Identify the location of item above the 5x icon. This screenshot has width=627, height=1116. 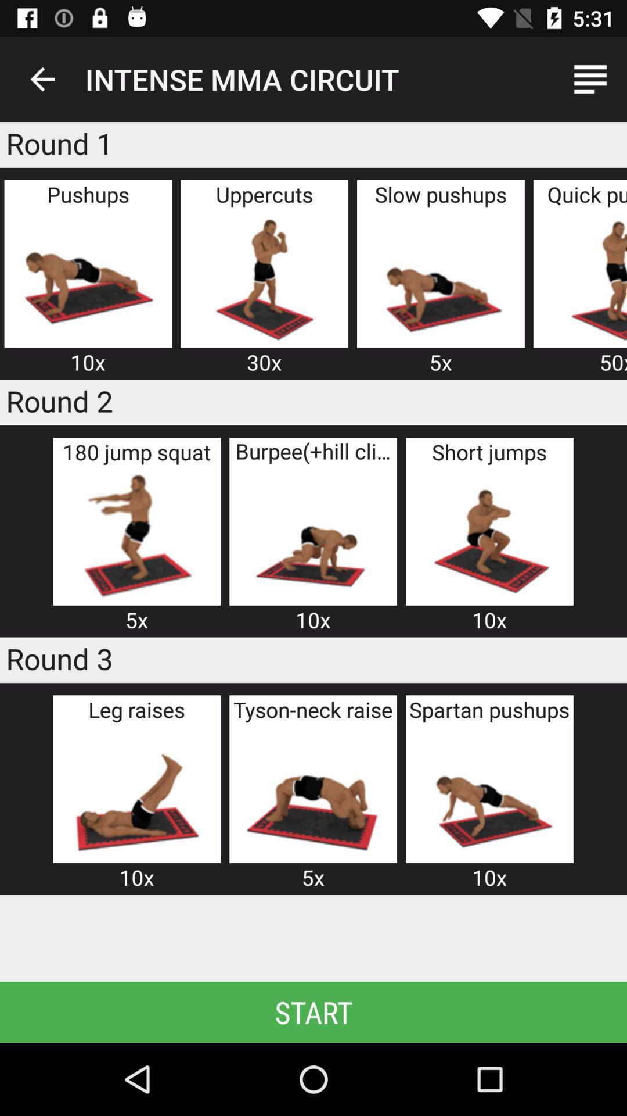
(136, 535).